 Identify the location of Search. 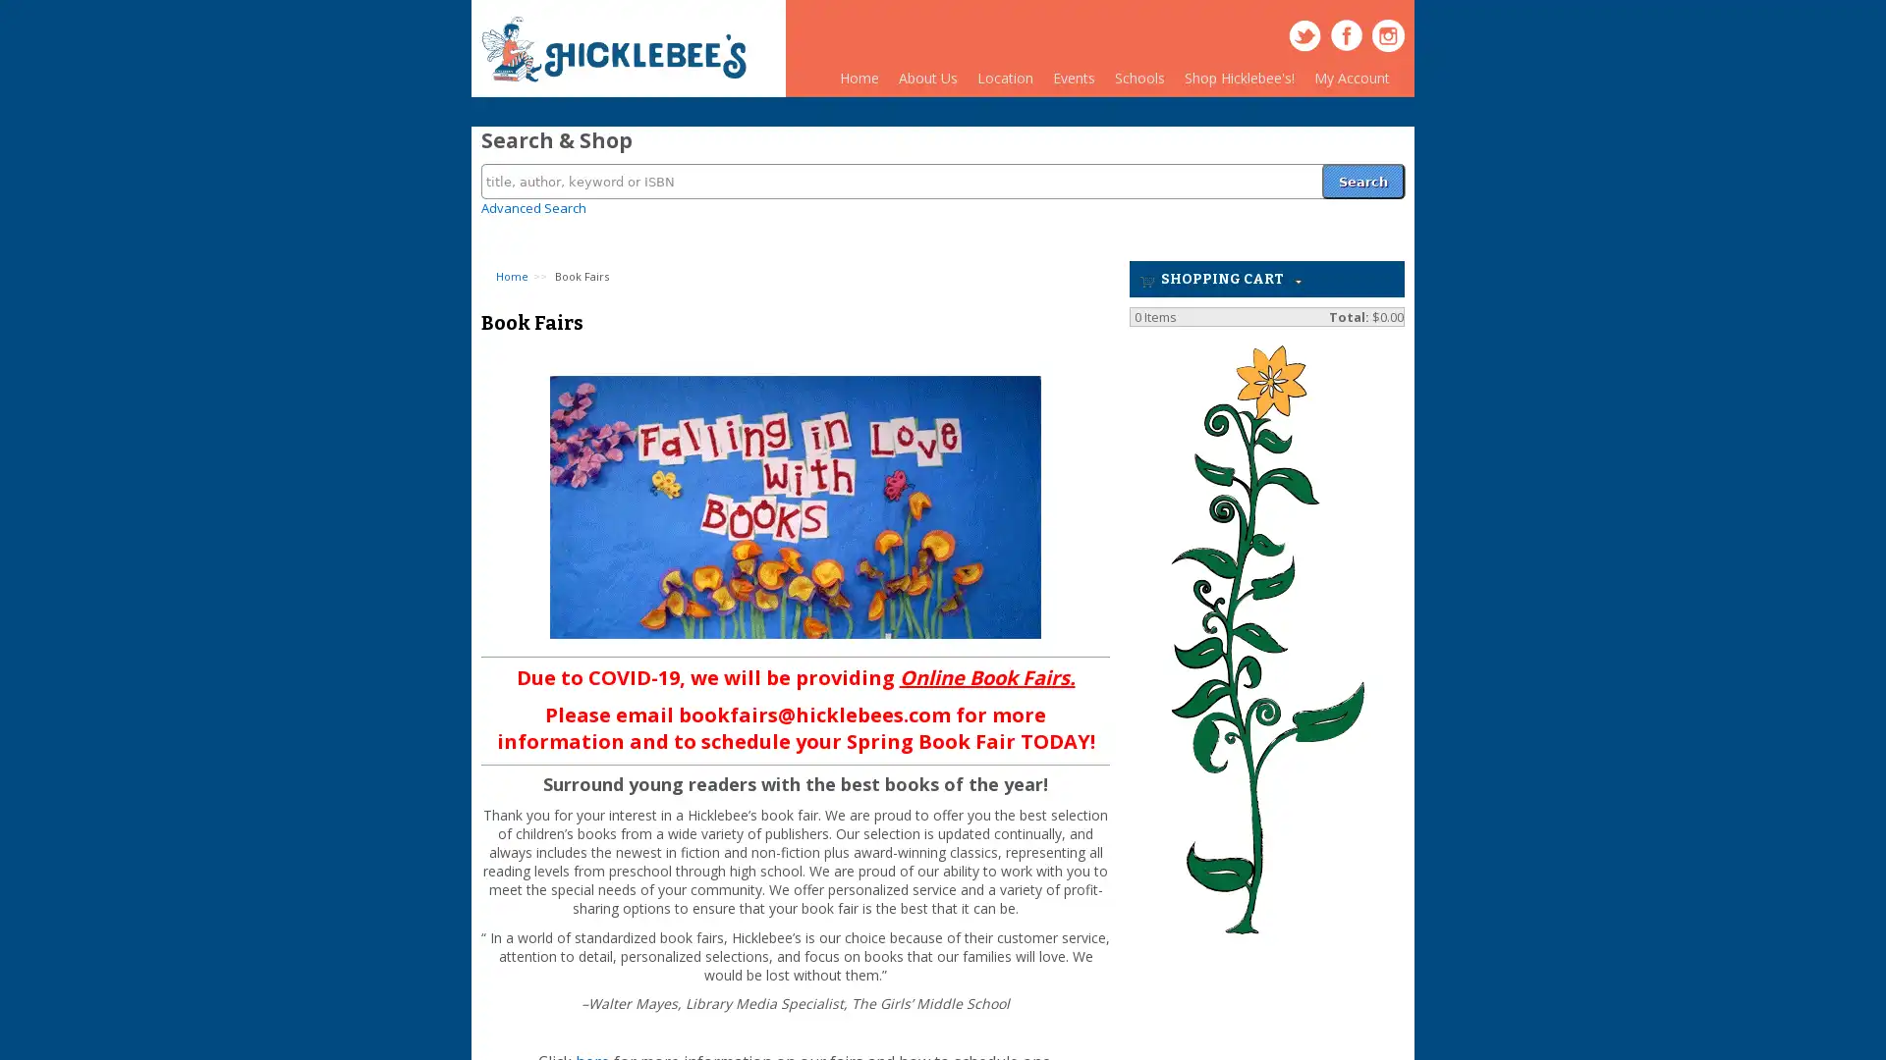
(1361, 169).